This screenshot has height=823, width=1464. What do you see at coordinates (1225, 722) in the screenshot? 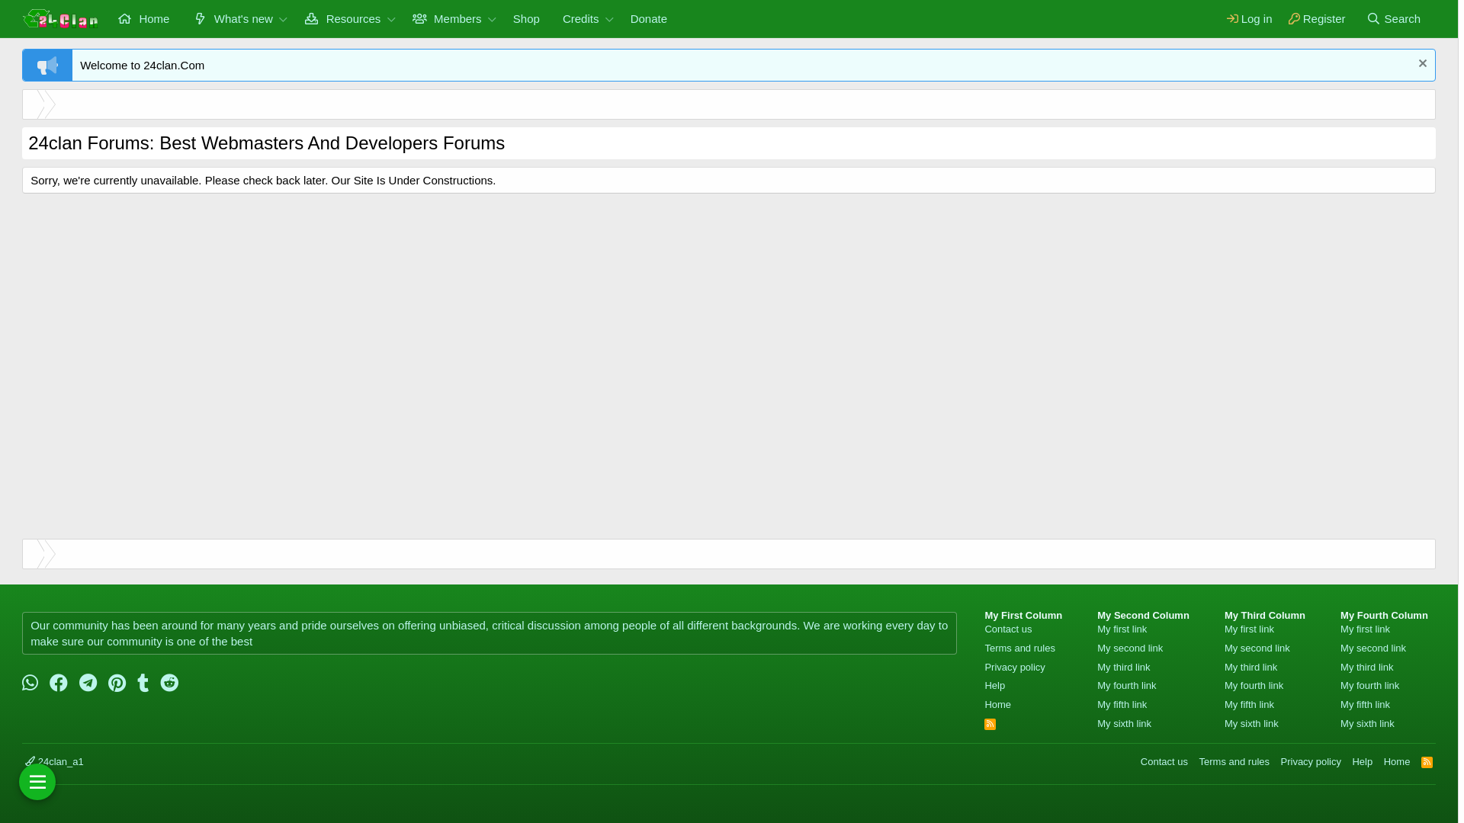
I see `'My sixth link'` at bounding box center [1225, 722].